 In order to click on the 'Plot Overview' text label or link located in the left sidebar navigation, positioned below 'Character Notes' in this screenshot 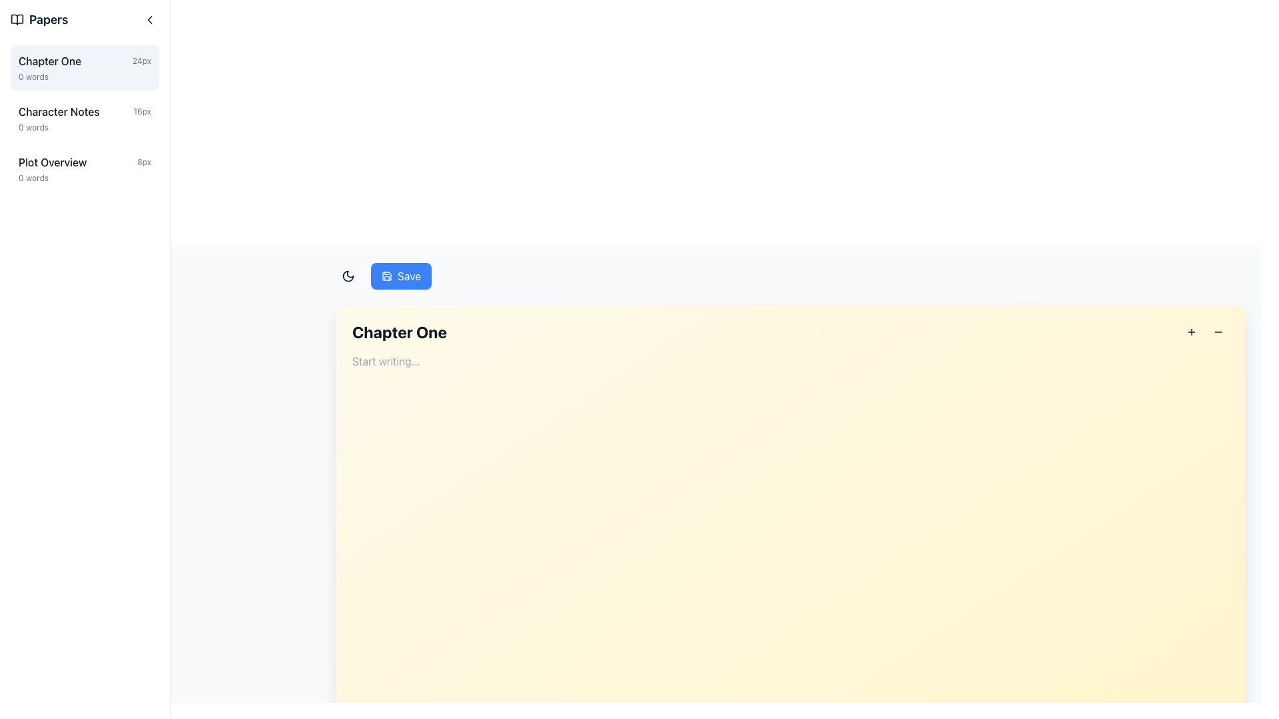, I will do `click(53, 161)`.